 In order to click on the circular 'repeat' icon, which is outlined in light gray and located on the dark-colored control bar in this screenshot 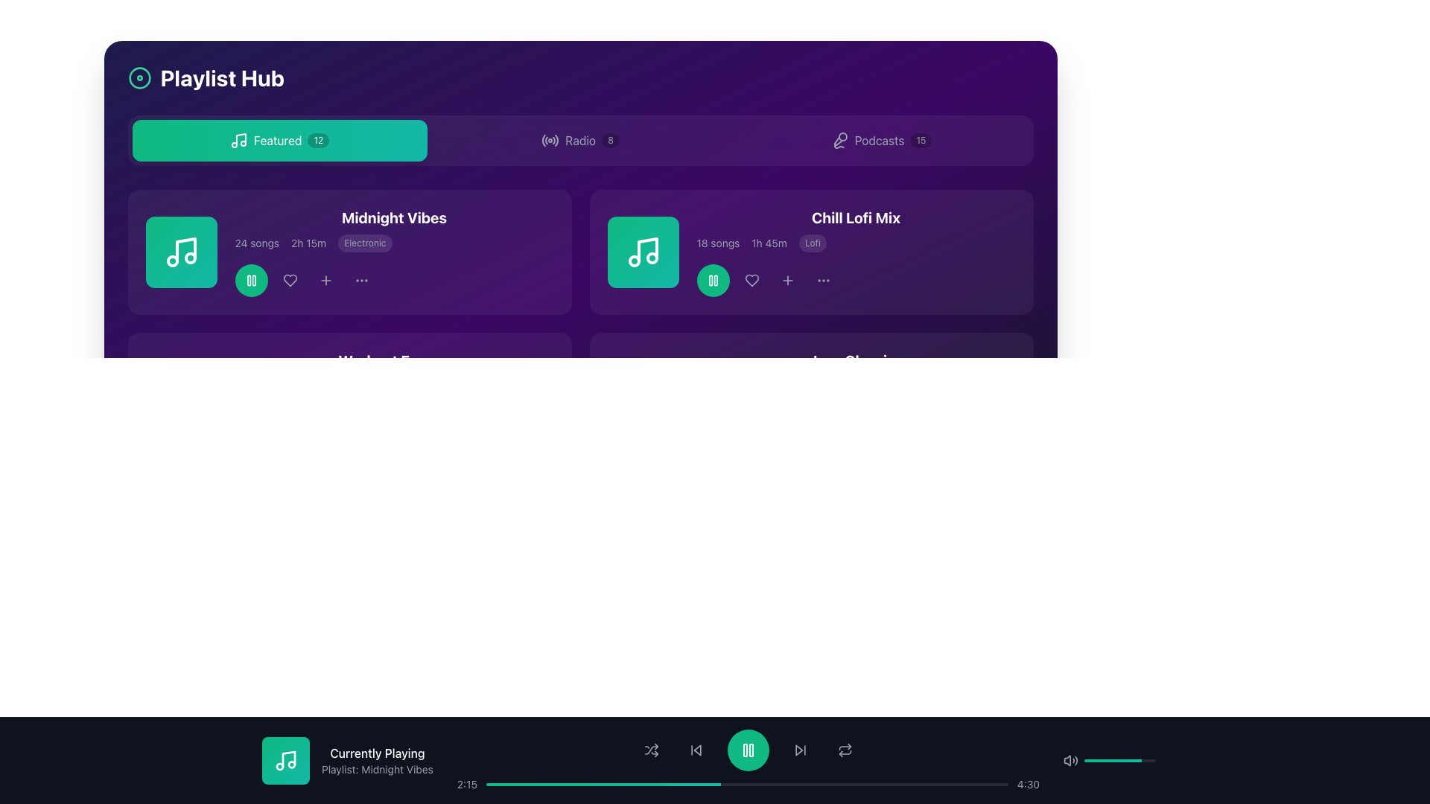, I will do `click(844, 750)`.